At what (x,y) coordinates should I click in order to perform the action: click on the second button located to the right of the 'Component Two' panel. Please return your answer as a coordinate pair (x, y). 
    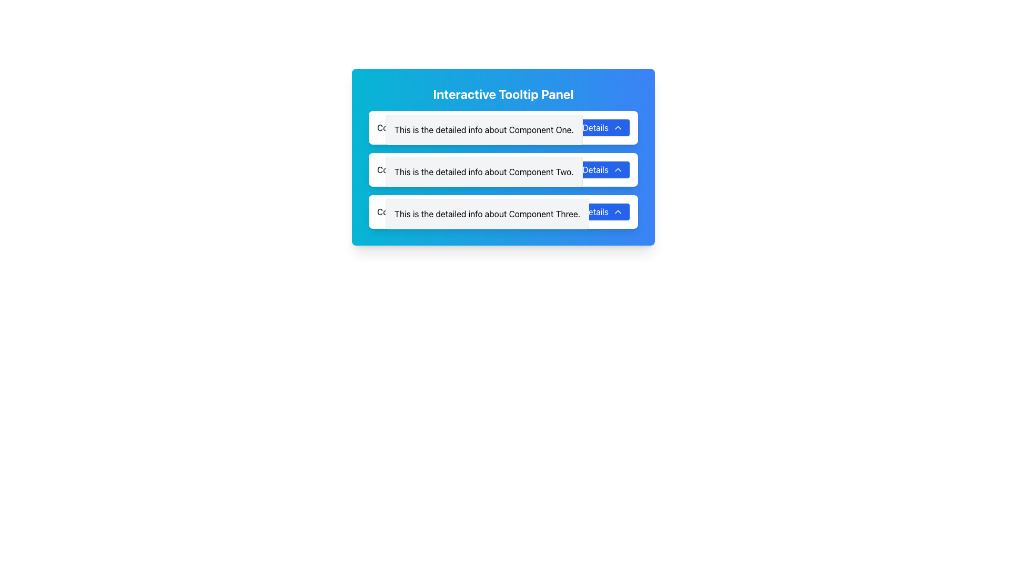
    Looking at the image, I should click on (603, 169).